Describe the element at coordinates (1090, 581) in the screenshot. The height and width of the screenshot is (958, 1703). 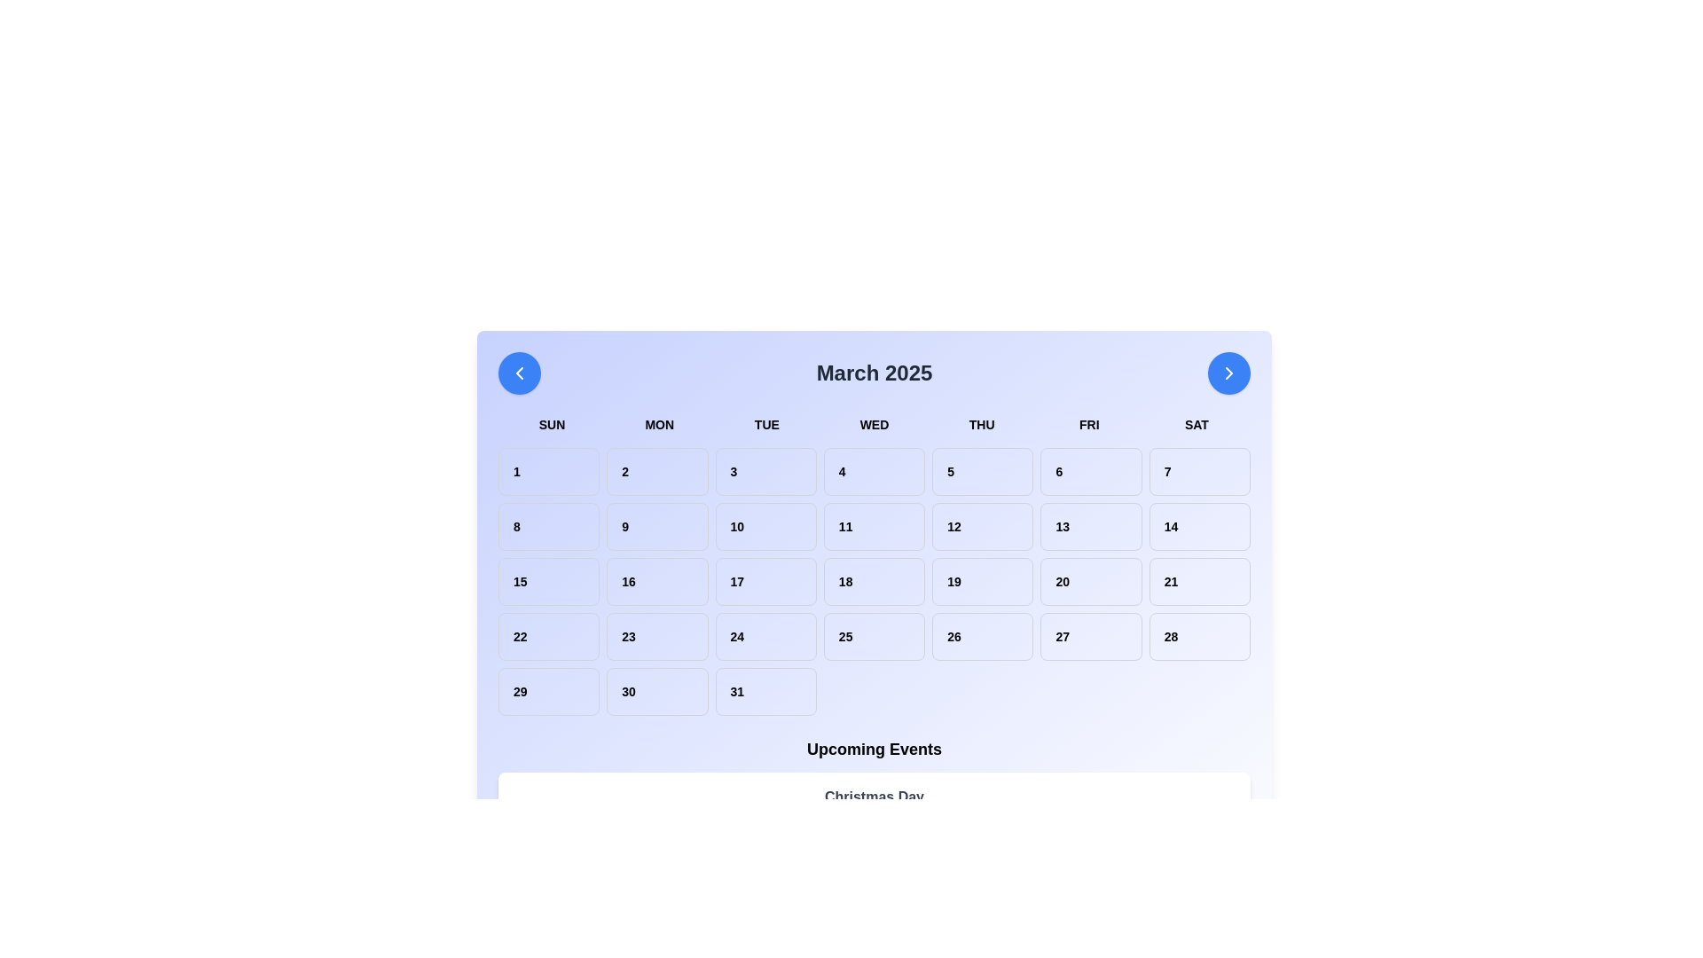
I see `the selectable day button representing the 20th of March 2025 in the calendar interface` at that location.